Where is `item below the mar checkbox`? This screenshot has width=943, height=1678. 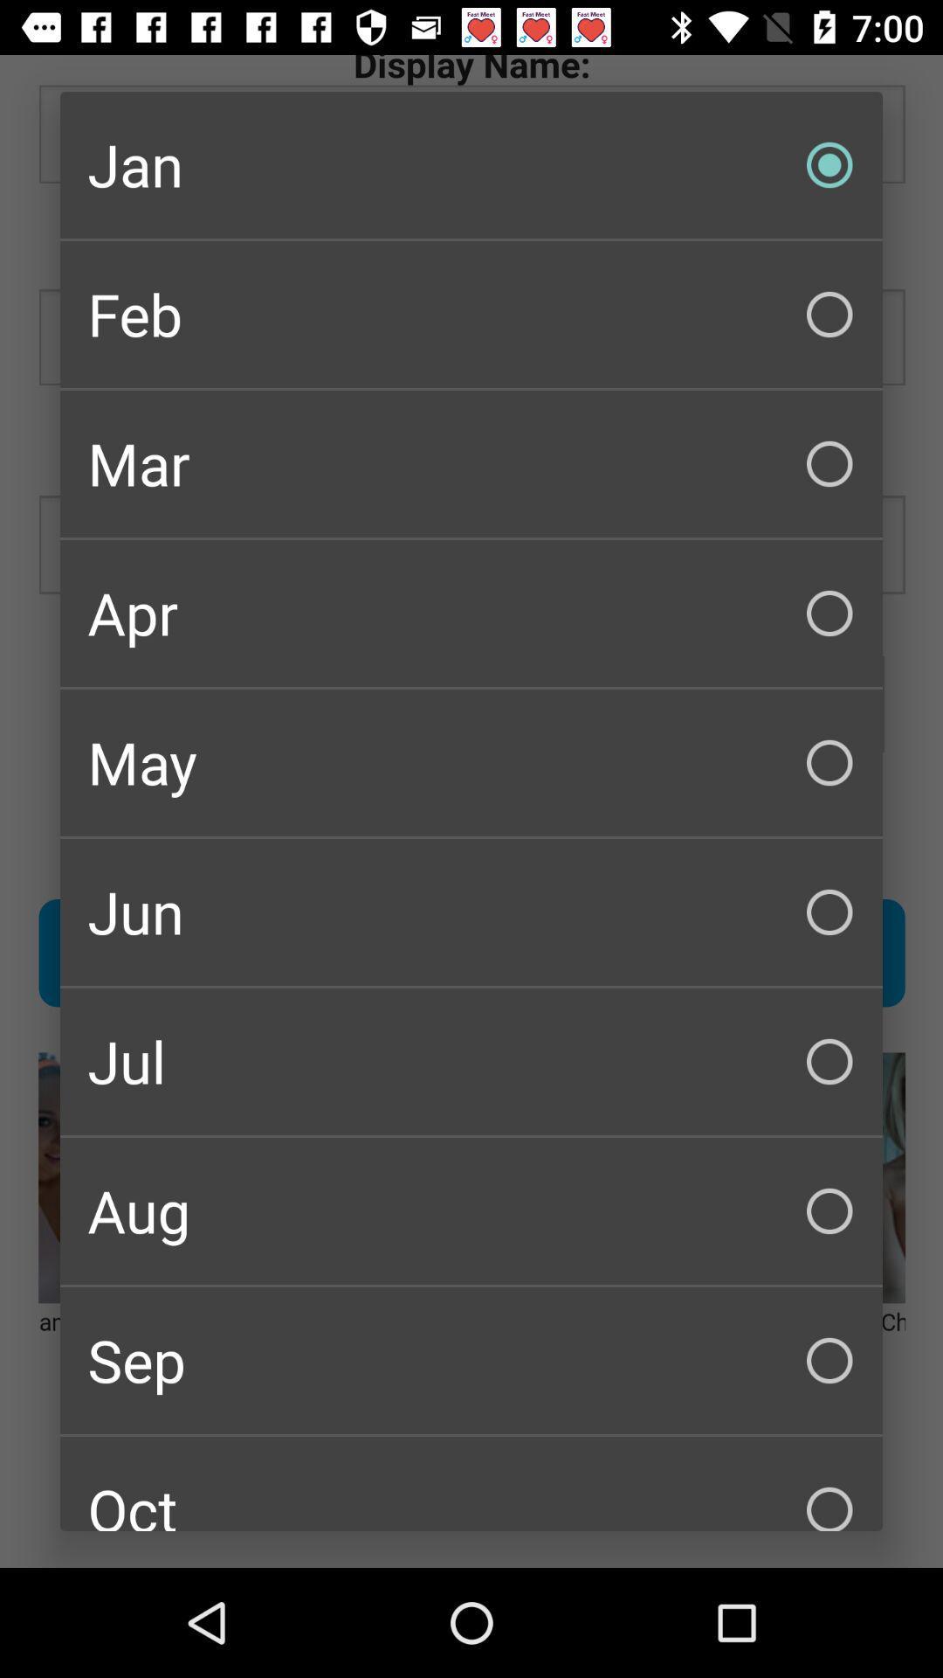 item below the mar checkbox is located at coordinates (471, 613).